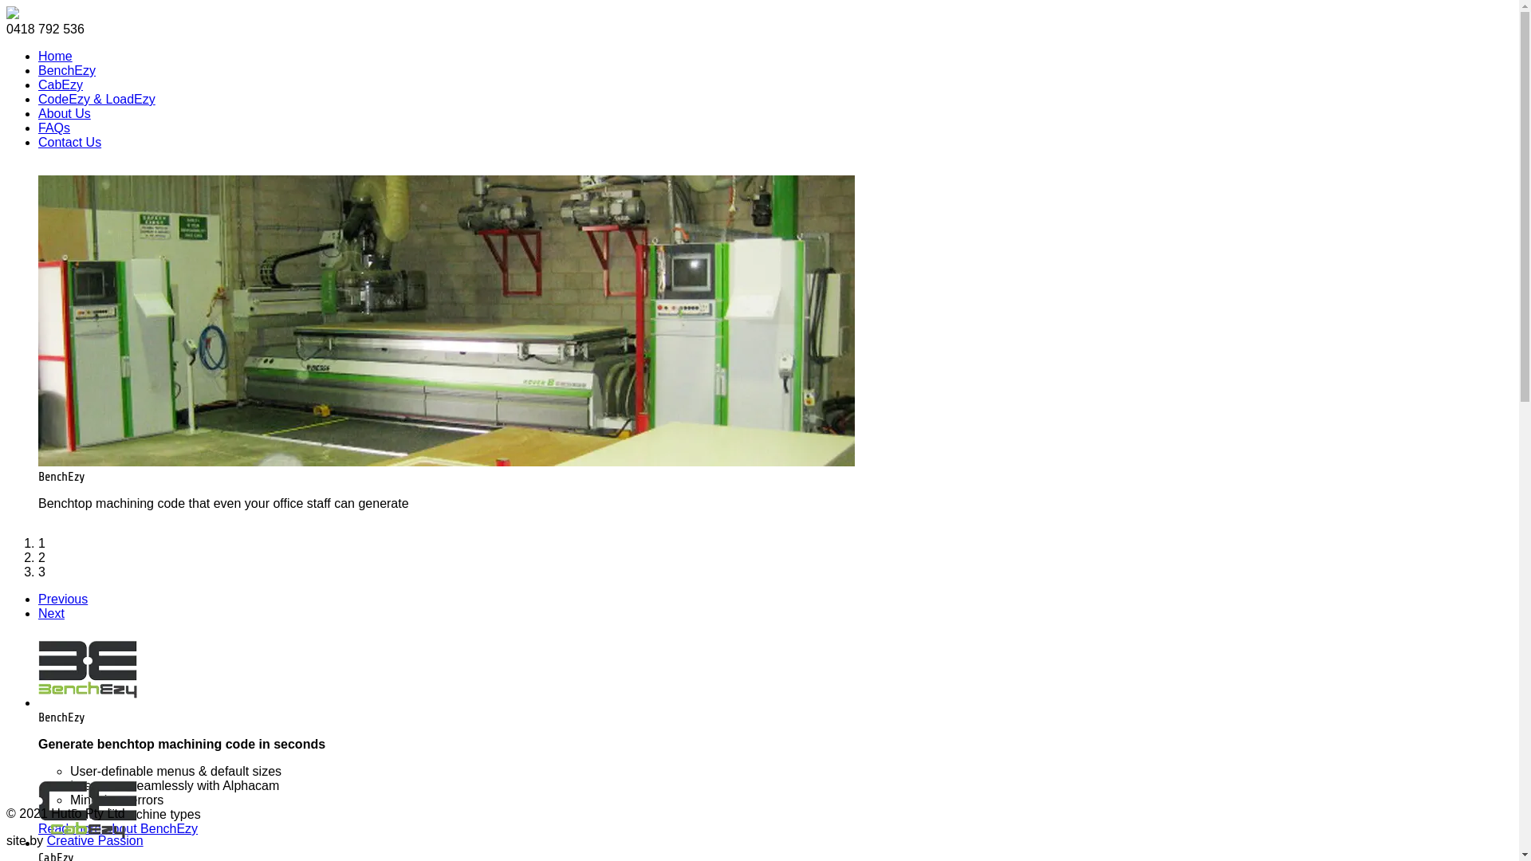 Image resolution: width=1531 pixels, height=861 pixels. What do you see at coordinates (55, 55) in the screenshot?
I see `'Home'` at bounding box center [55, 55].